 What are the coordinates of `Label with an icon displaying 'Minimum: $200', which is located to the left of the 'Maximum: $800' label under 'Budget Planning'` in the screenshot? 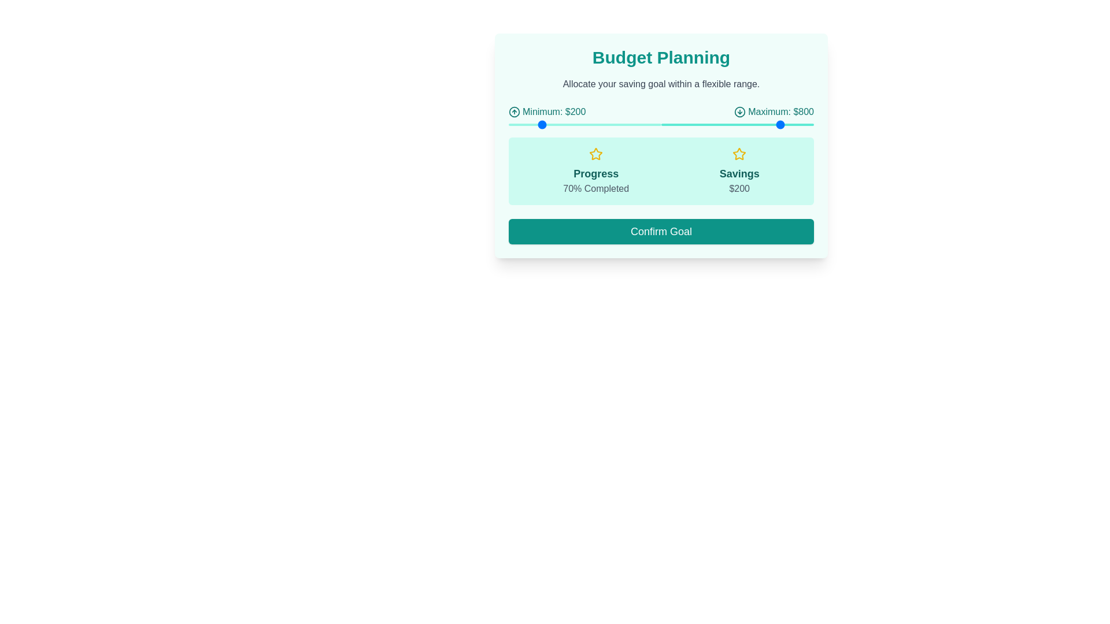 It's located at (546, 112).